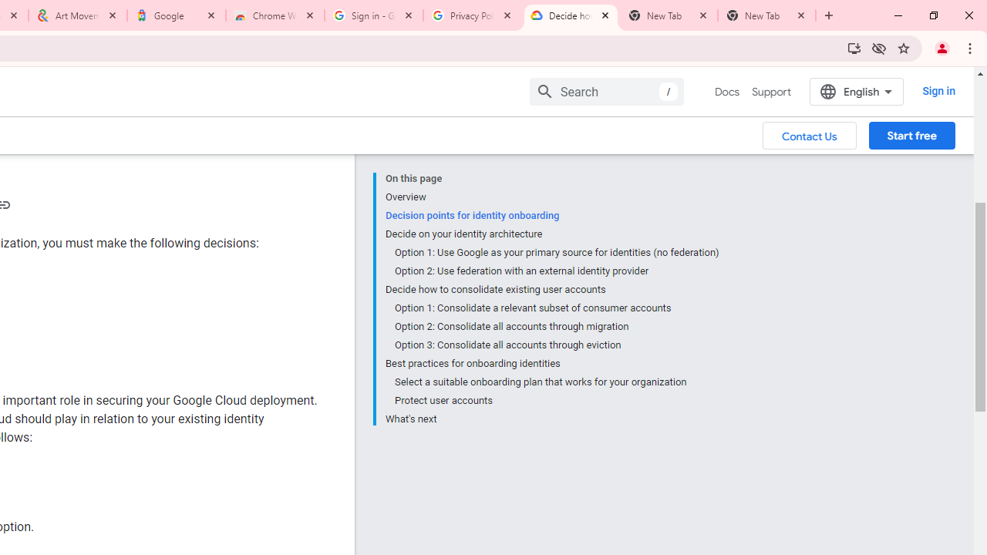  Describe the element at coordinates (853, 47) in the screenshot. I see `'Install Google Cloud'` at that location.